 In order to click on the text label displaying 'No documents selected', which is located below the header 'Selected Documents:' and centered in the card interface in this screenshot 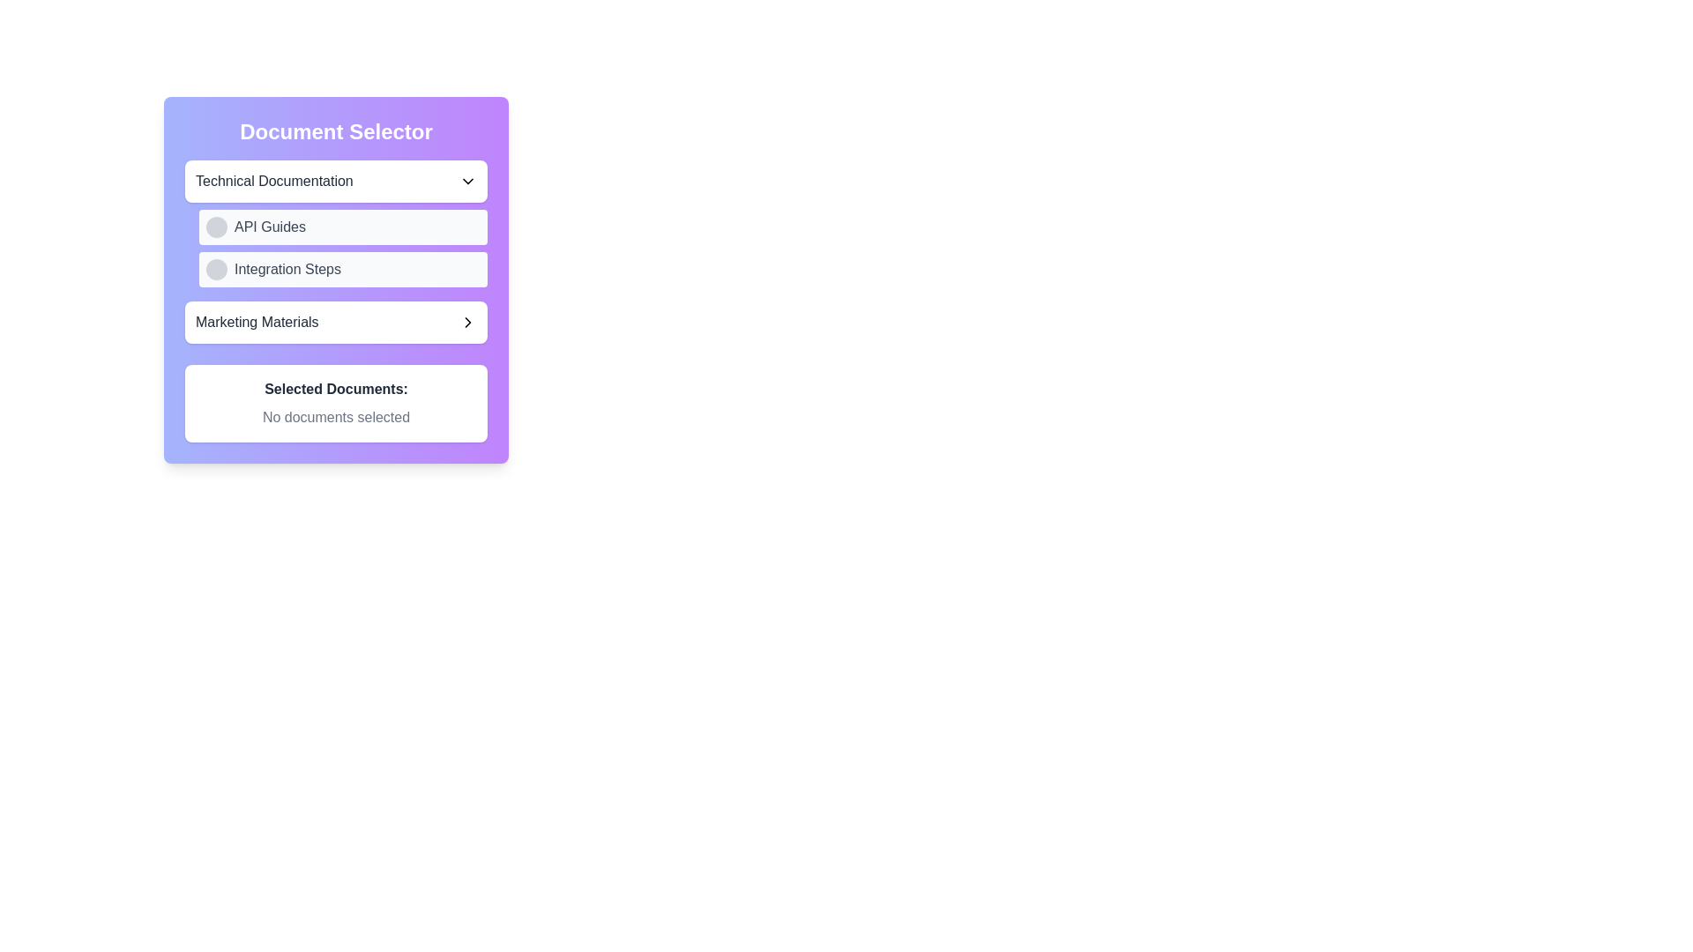, I will do `click(336, 418)`.